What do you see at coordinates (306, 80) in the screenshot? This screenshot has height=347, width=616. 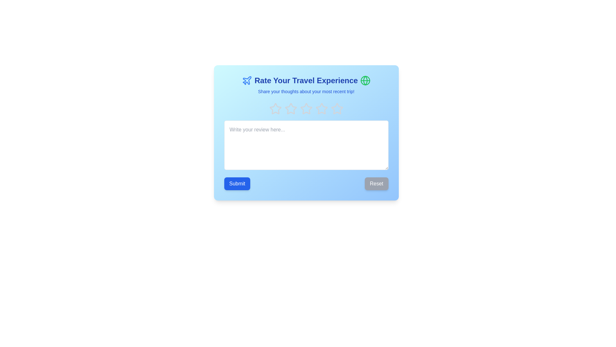 I see `the text label indicating the purpose of the form to rate the travel experience, which is located between an airplane icon and a globe icon at the top of the card-like structure` at bounding box center [306, 80].